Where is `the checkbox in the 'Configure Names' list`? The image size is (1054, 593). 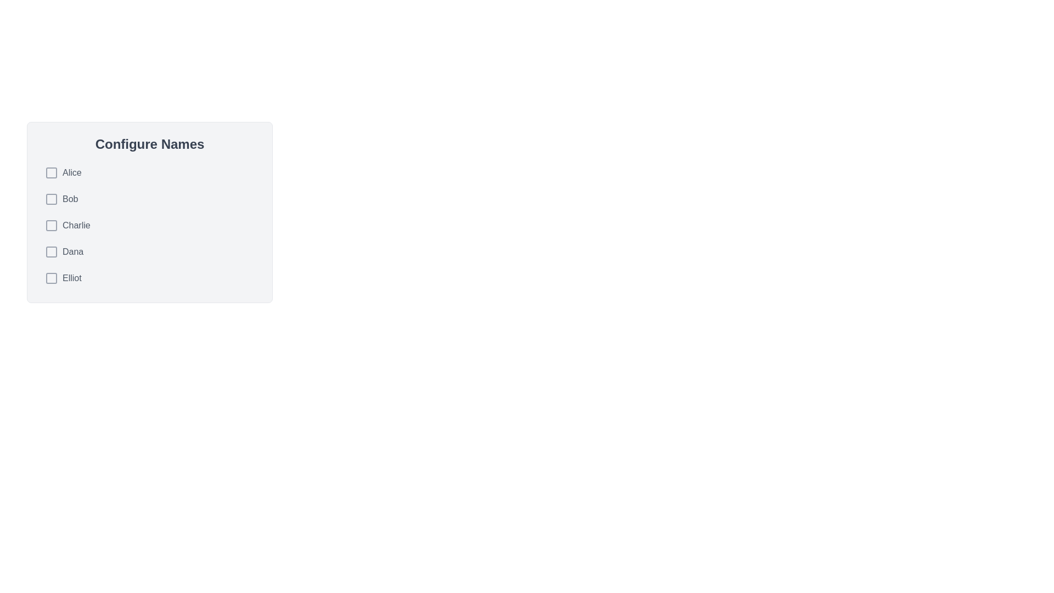 the checkbox in the 'Configure Names' list is located at coordinates (149, 225).